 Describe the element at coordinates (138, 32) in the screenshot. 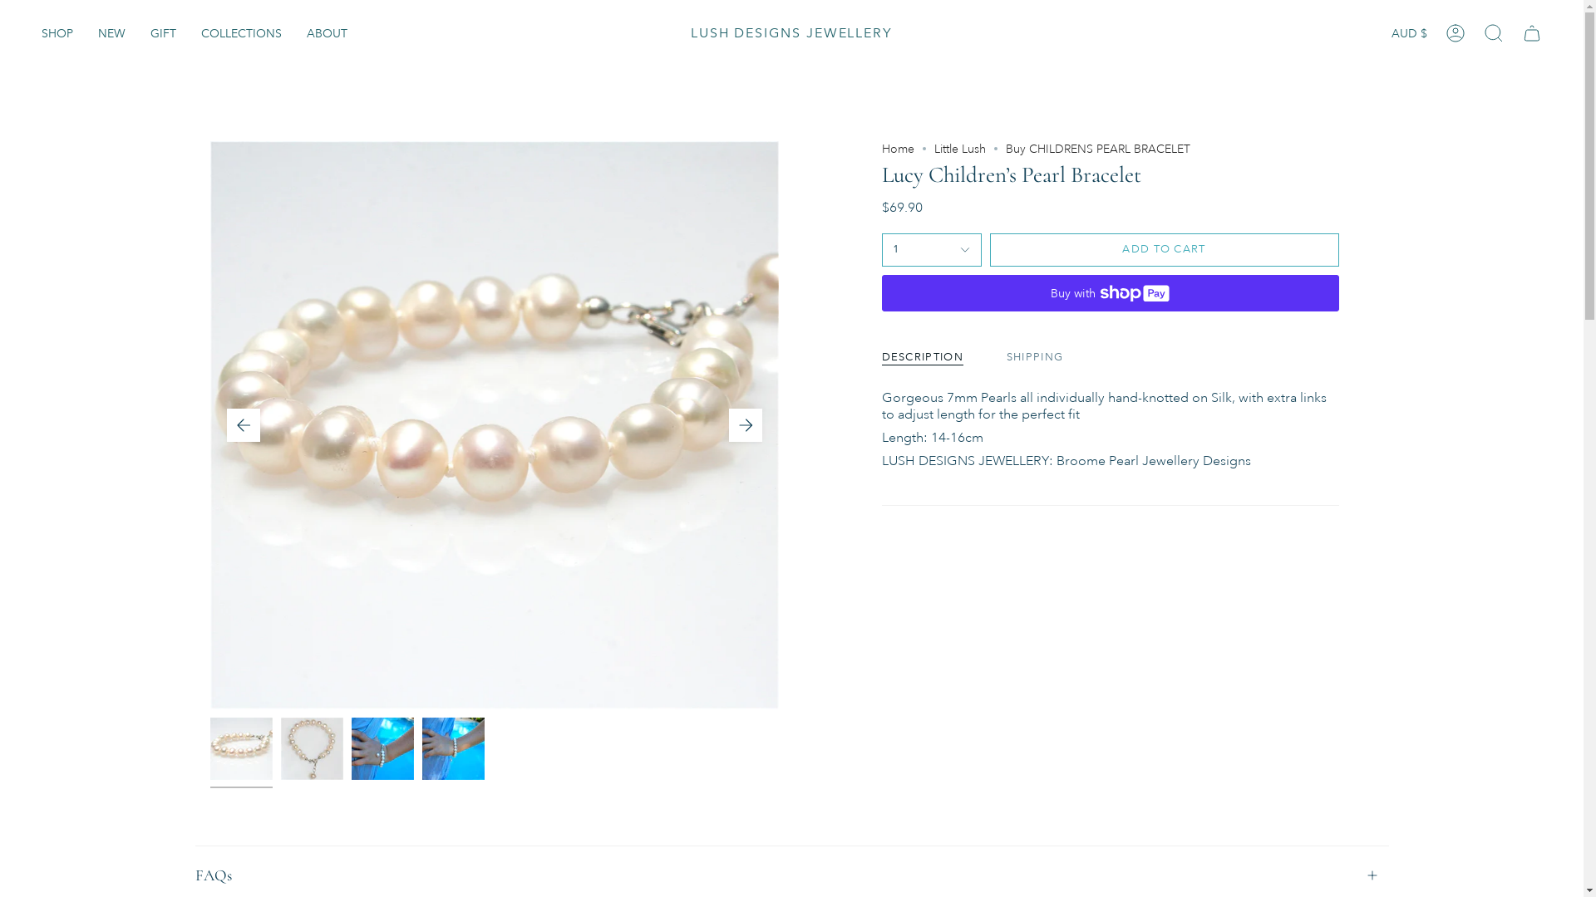

I see `'GIFT'` at that location.